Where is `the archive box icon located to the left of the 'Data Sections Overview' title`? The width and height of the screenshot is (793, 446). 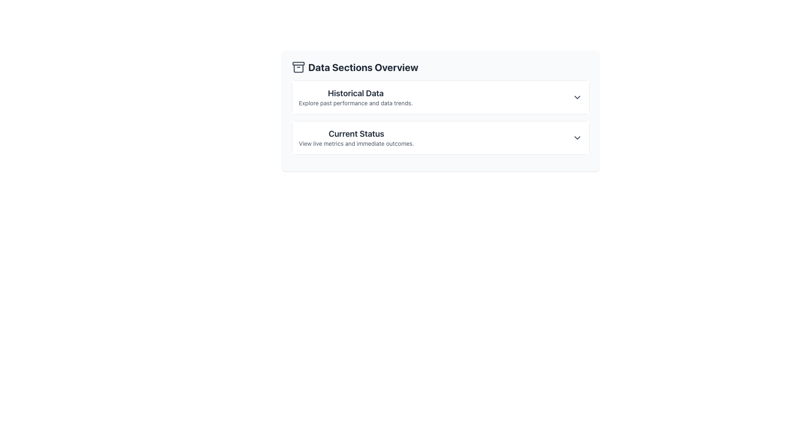
the archive box icon located to the left of the 'Data Sections Overview' title is located at coordinates (298, 66).